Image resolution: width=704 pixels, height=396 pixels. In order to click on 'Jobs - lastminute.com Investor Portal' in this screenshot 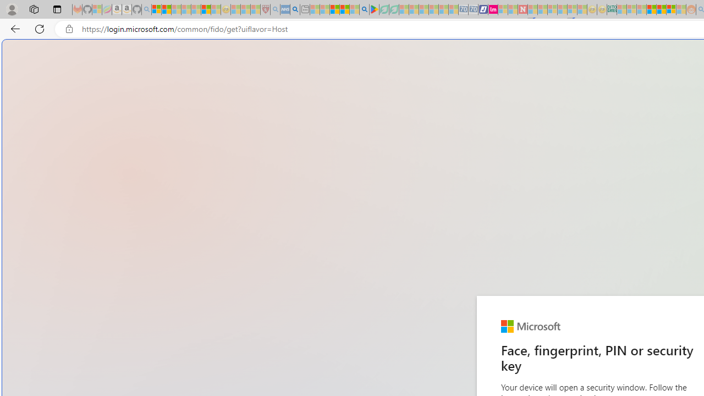, I will do `click(492, 9)`.